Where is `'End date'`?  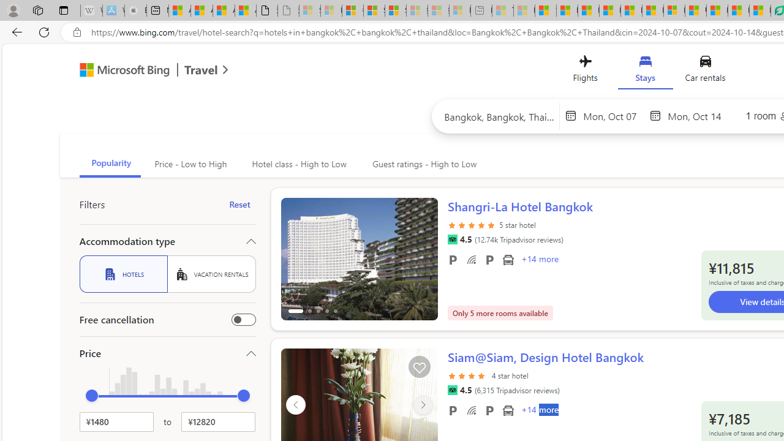
'End date' is located at coordinates (698, 116).